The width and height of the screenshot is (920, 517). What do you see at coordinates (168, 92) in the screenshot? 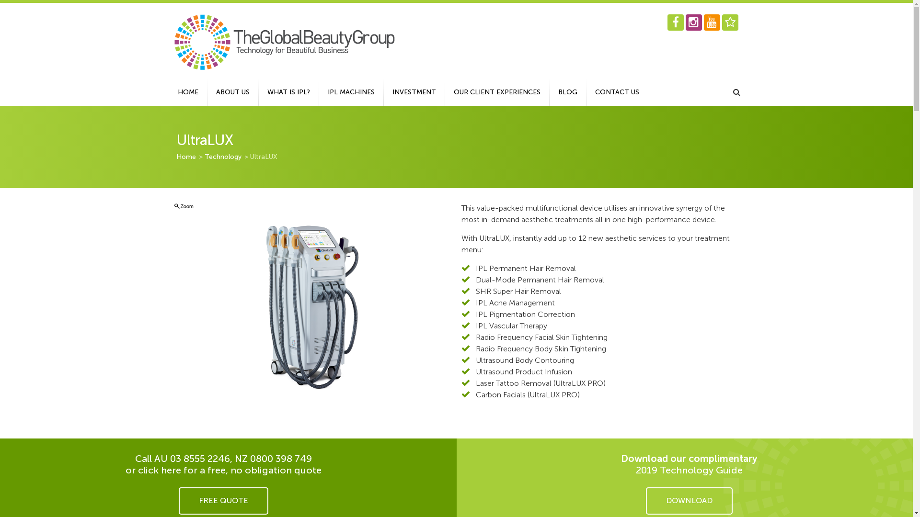
I see `'HOME'` at bounding box center [168, 92].